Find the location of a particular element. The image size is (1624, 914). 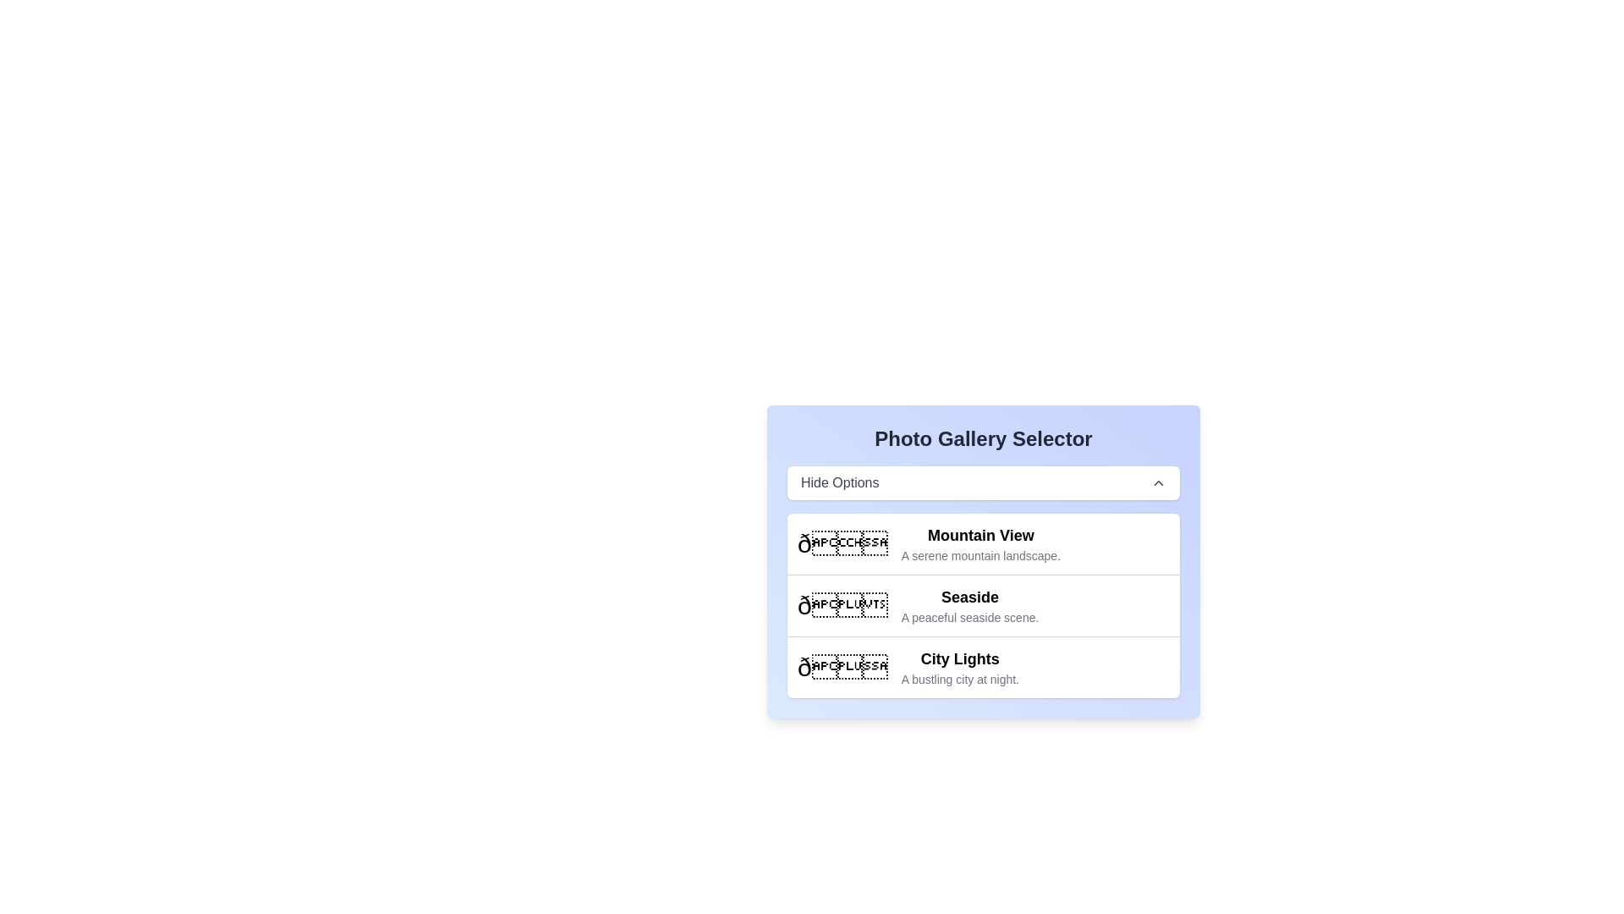

the Text label that serves as the title of an item in the 'Photo Gallery Selector', indicating the subject of the associated image is located at coordinates (960, 658).